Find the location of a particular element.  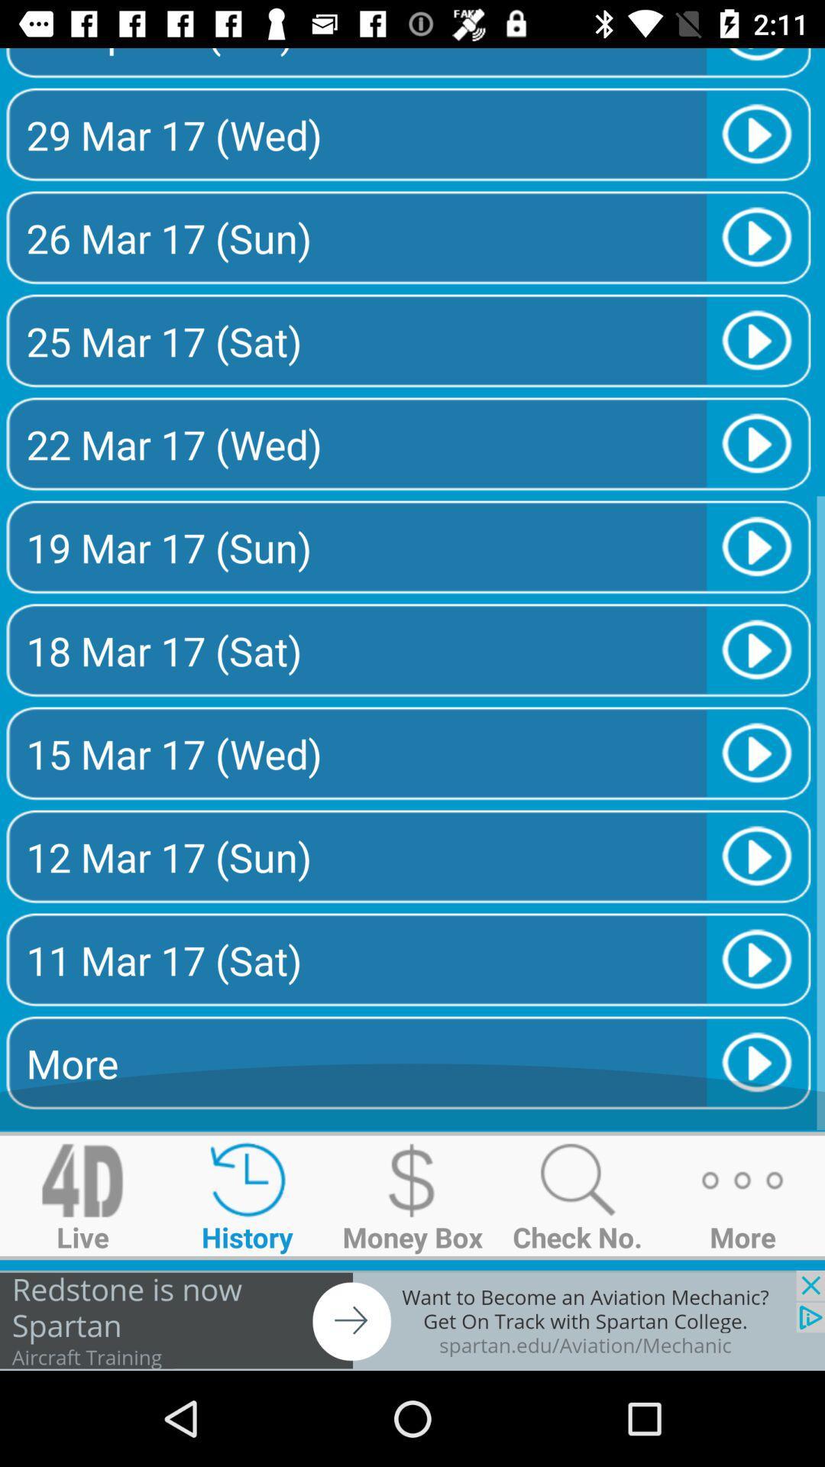

open advertisement is located at coordinates (412, 1320).